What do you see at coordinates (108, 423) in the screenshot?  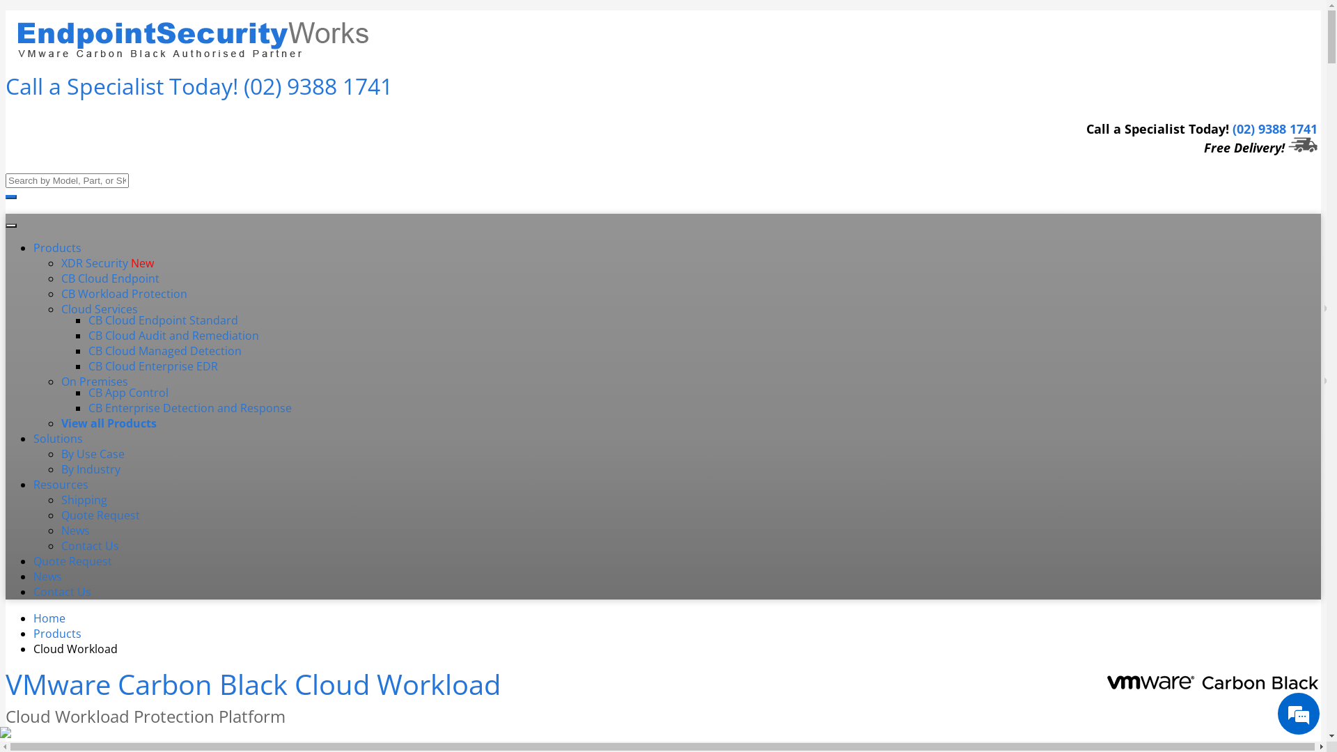 I see `'View all Products'` at bounding box center [108, 423].